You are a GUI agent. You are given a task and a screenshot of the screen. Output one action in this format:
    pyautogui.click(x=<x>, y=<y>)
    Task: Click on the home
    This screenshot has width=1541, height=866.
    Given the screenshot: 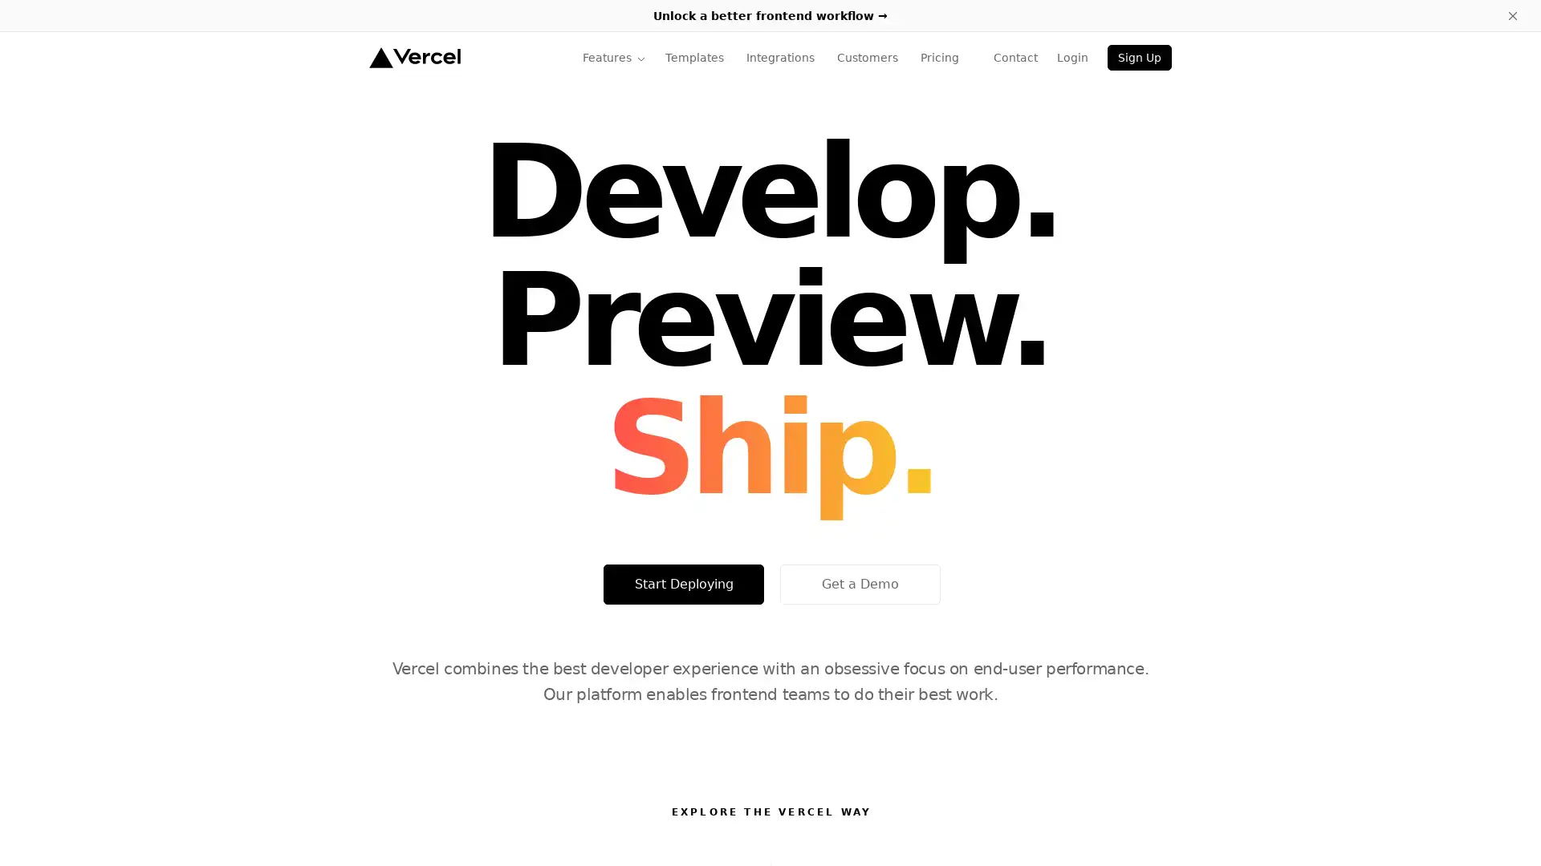 What is the action you would take?
    pyautogui.click(x=414, y=57)
    